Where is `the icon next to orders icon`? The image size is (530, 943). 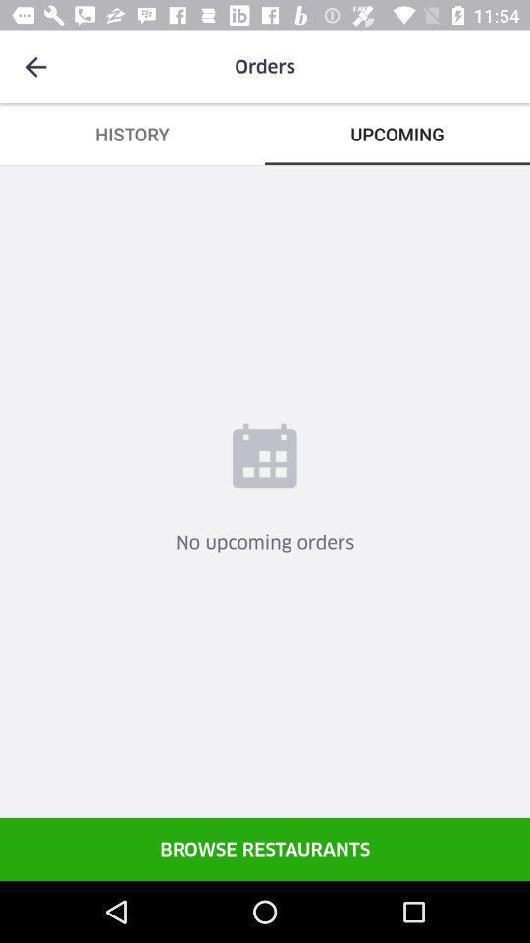
the icon next to orders icon is located at coordinates (35, 67).